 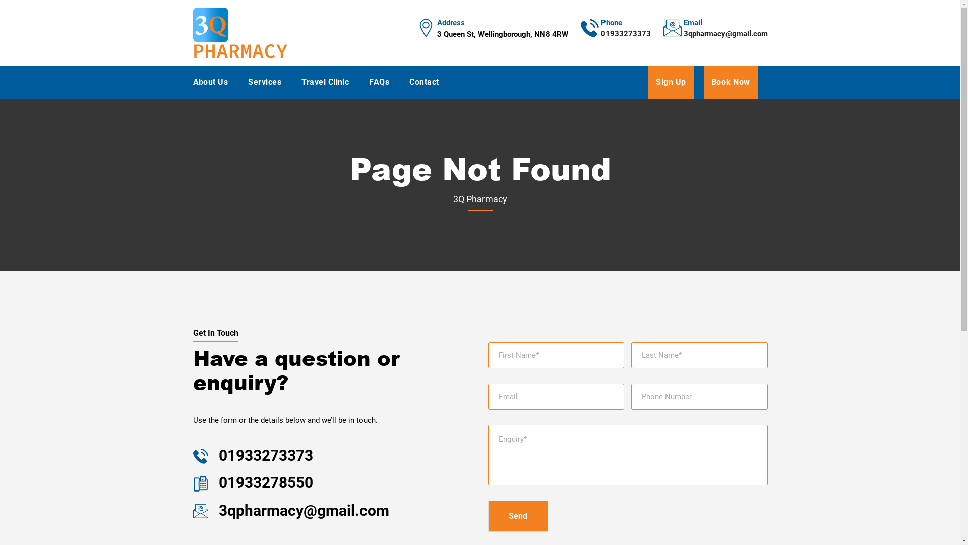 I want to click on 'Sign Up', so click(x=648, y=81).